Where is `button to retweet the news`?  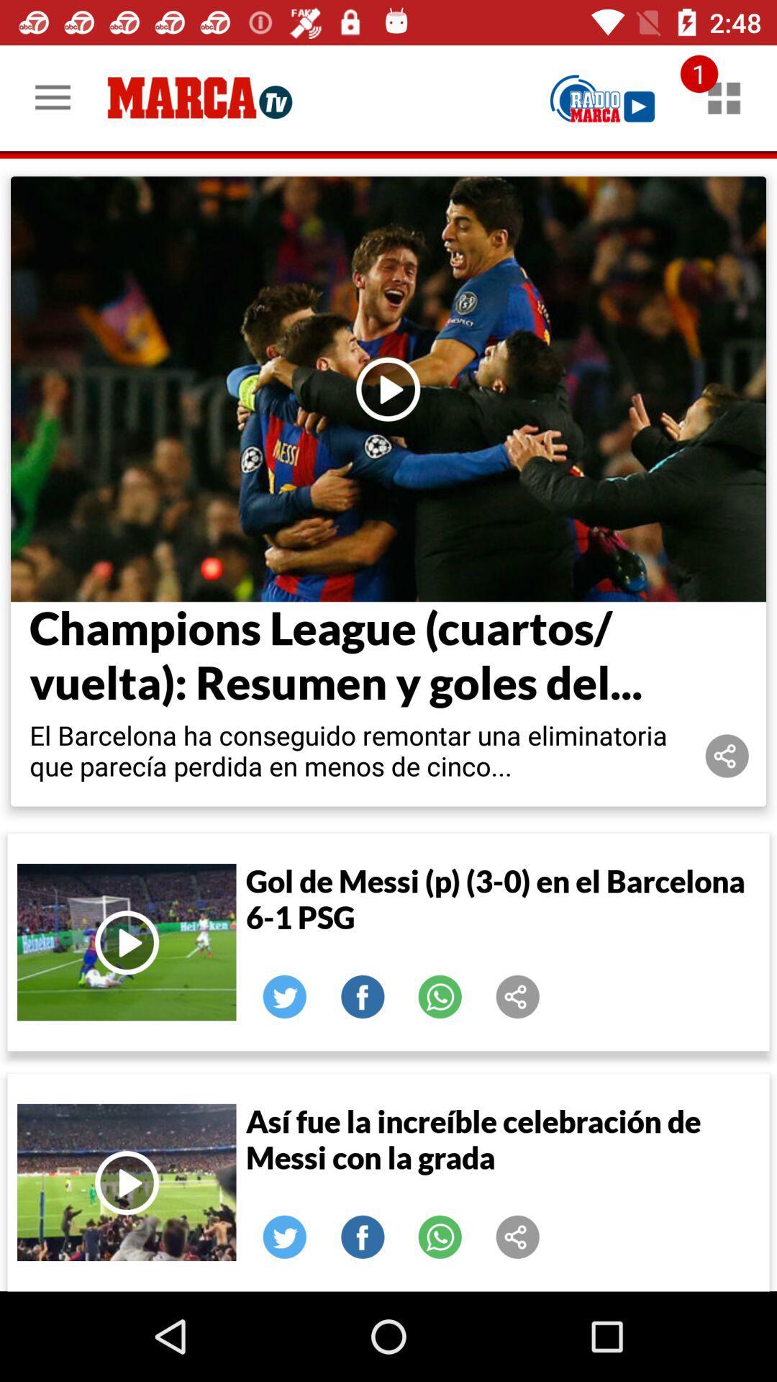 button to retweet the news is located at coordinates (285, 996).